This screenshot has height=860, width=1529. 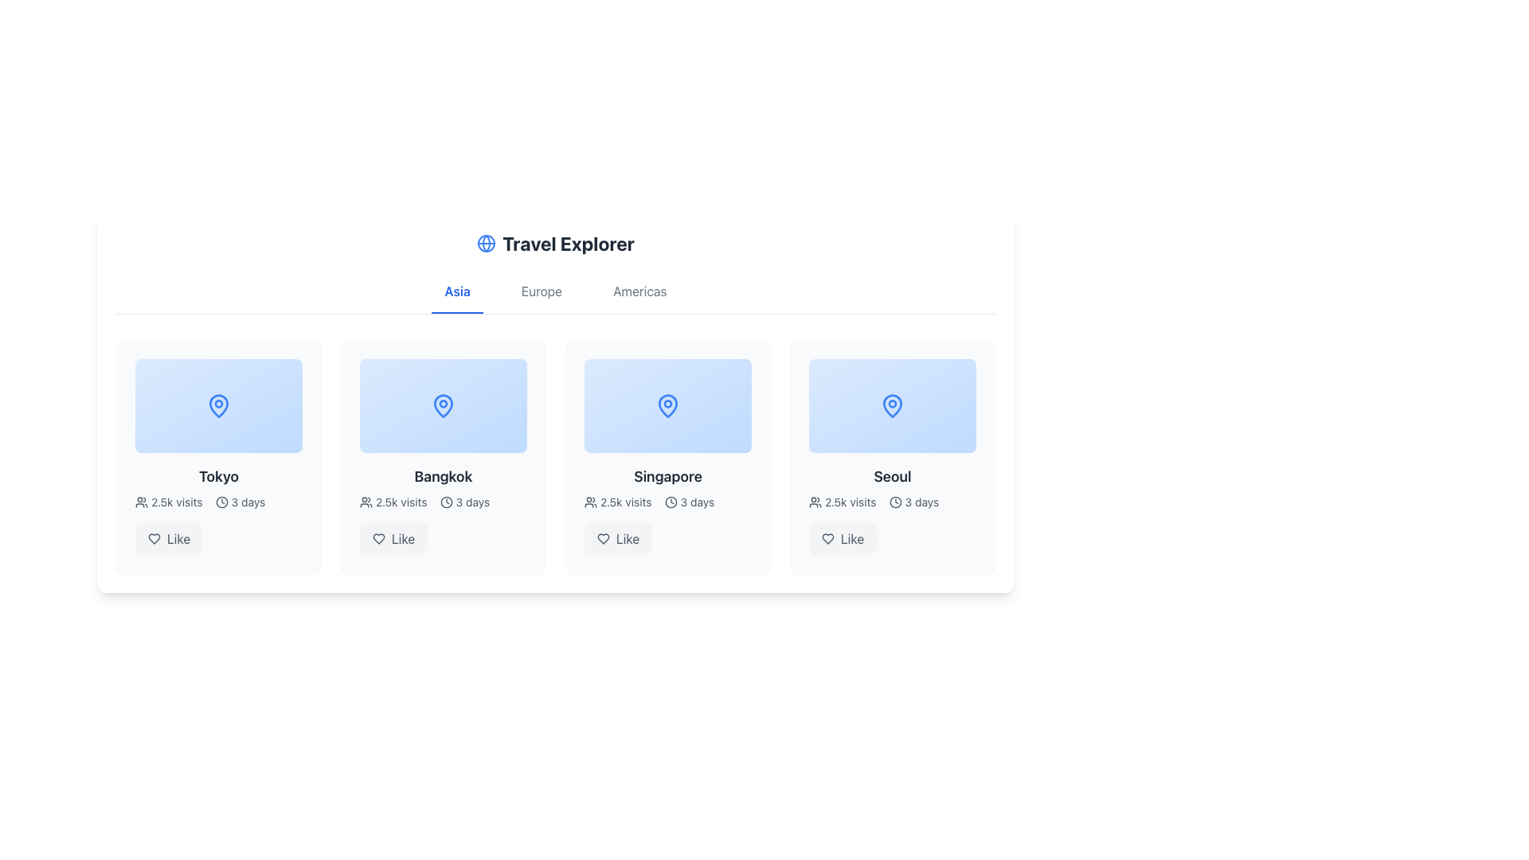 What do you see at coordinates (486, 243) in the screenshot?
I see `the blue circular SVG graphical element that is part of the globe icon next to the 'Travel Explorer' title` at bounding box center [486, 243].